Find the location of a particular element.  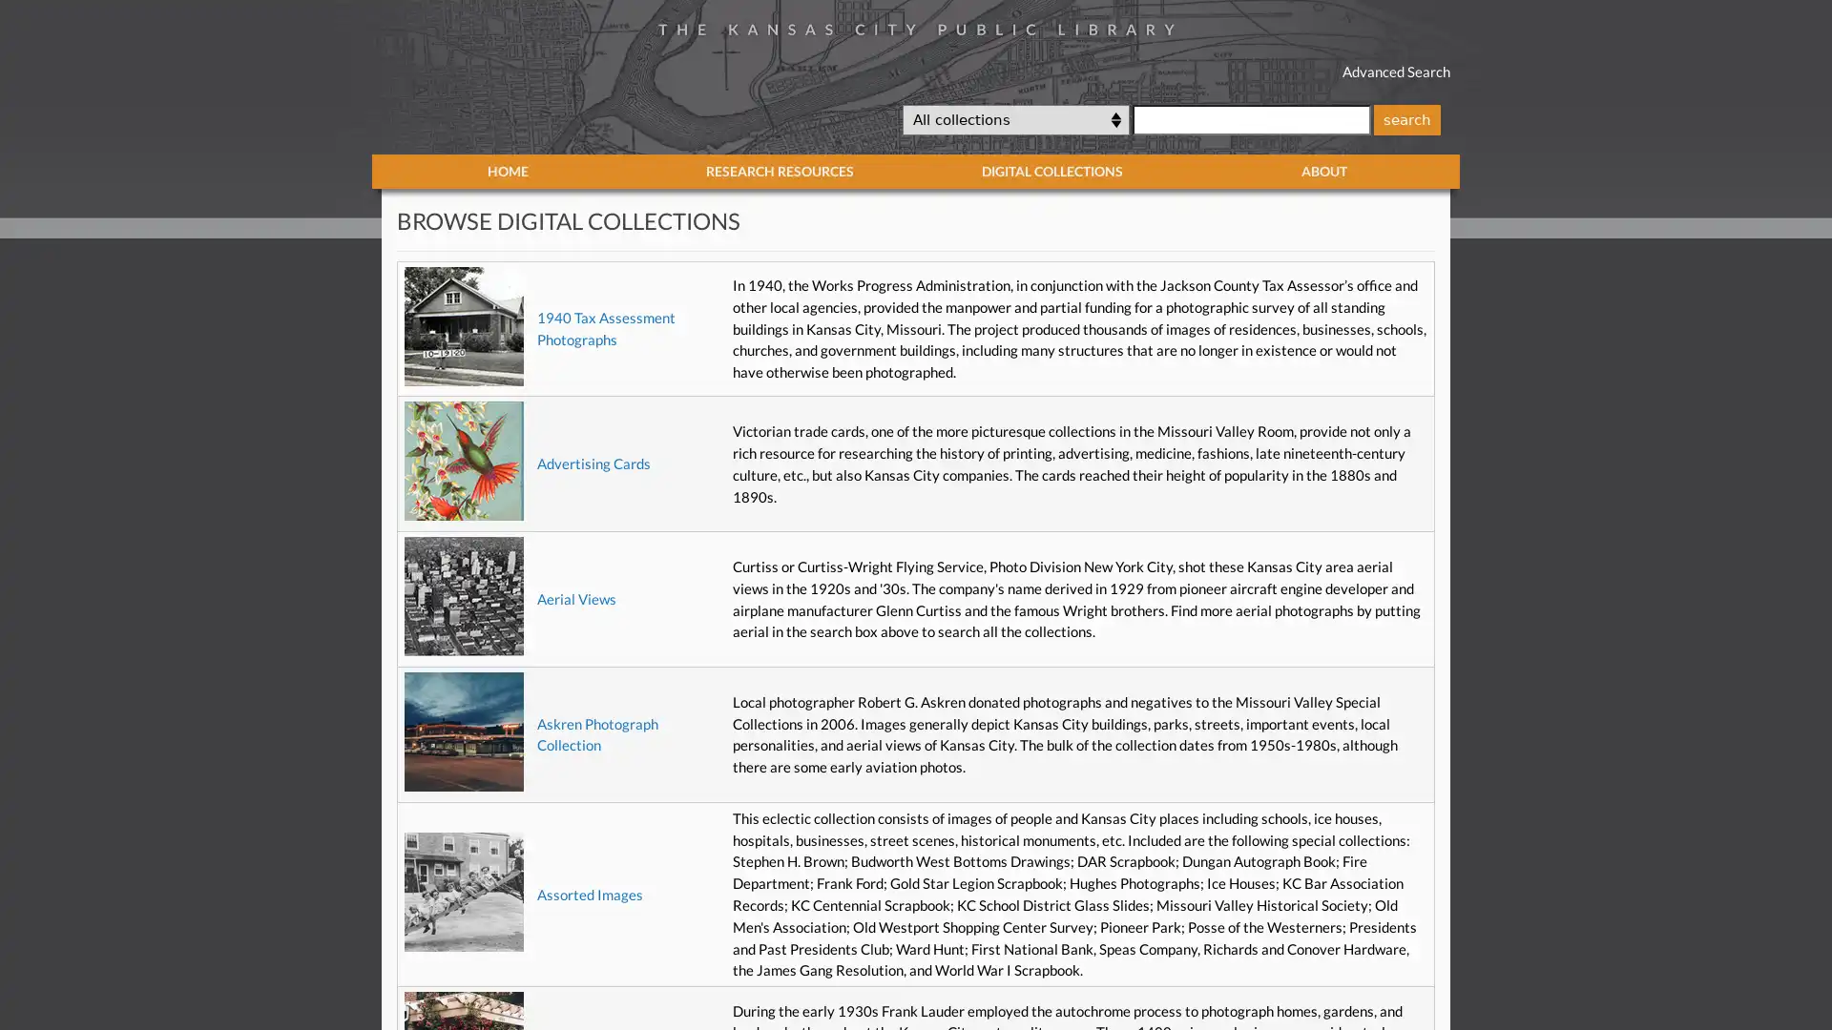

search is located at coordinates (1405, 118).